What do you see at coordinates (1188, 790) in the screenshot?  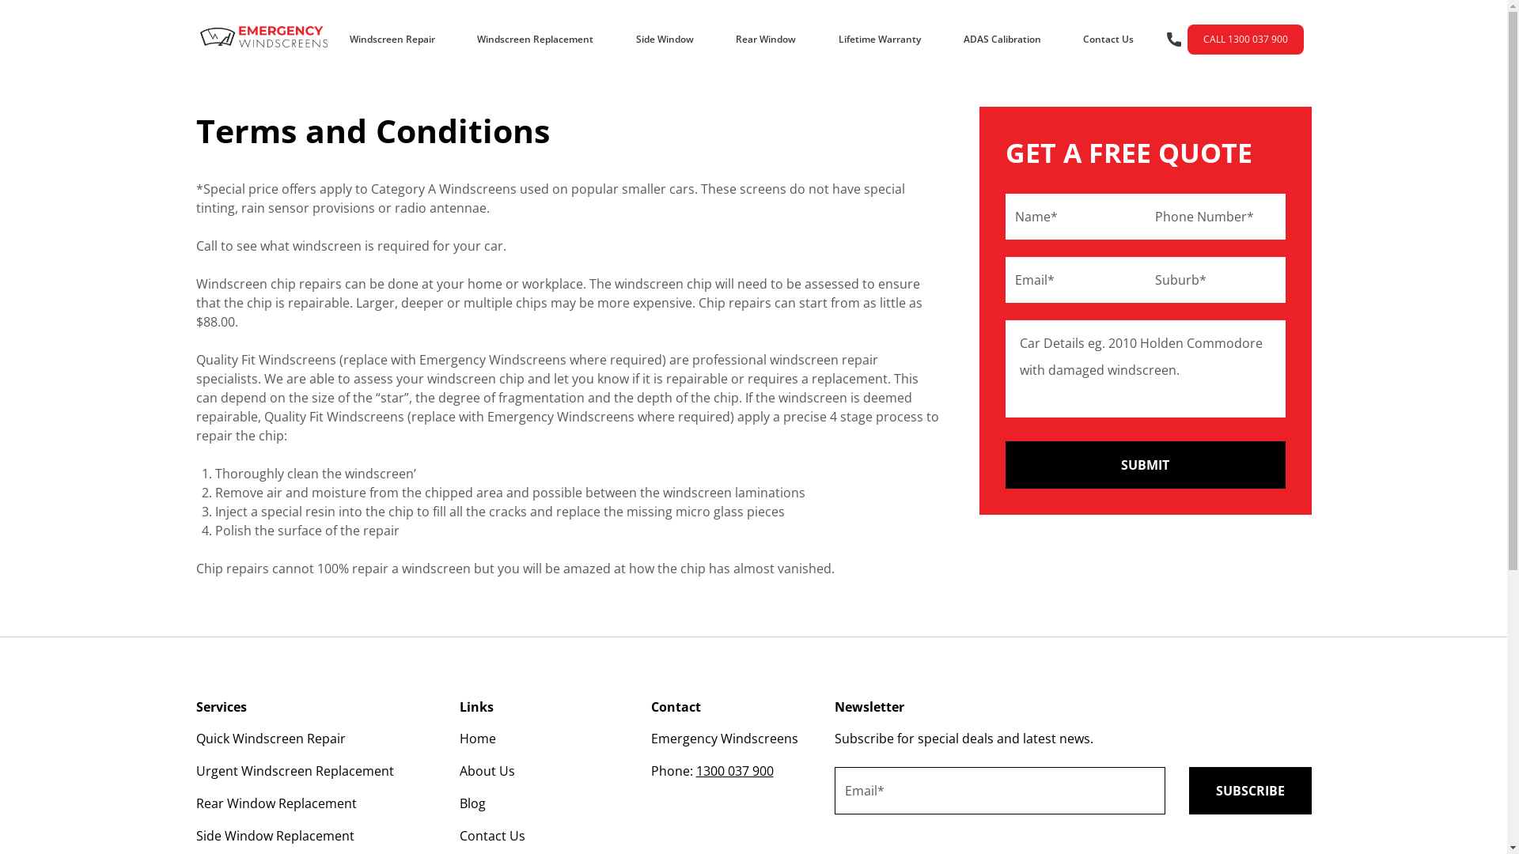 I see `'Subscribe'` at bounding box center [1188, 790].